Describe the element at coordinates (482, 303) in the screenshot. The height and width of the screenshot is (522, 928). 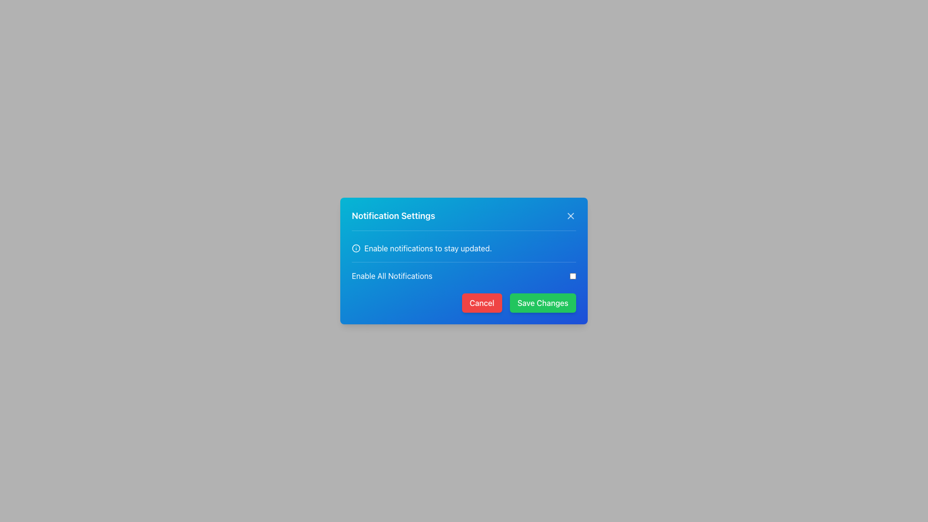
I see `the red rectangular 'Cancel' button located in the lower right corner of the notification panel` at that location.